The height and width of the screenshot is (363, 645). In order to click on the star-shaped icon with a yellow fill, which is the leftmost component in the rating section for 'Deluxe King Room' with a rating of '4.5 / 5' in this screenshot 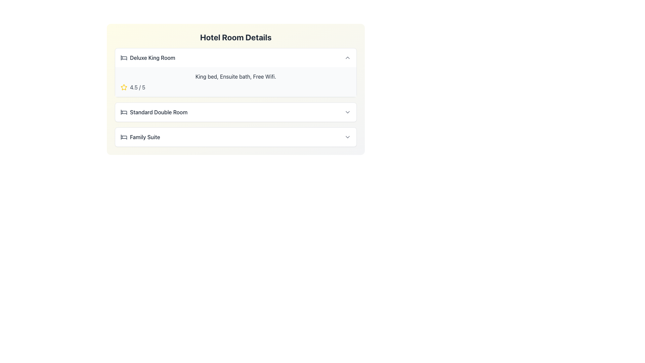, I will do `click(124, 87)`.